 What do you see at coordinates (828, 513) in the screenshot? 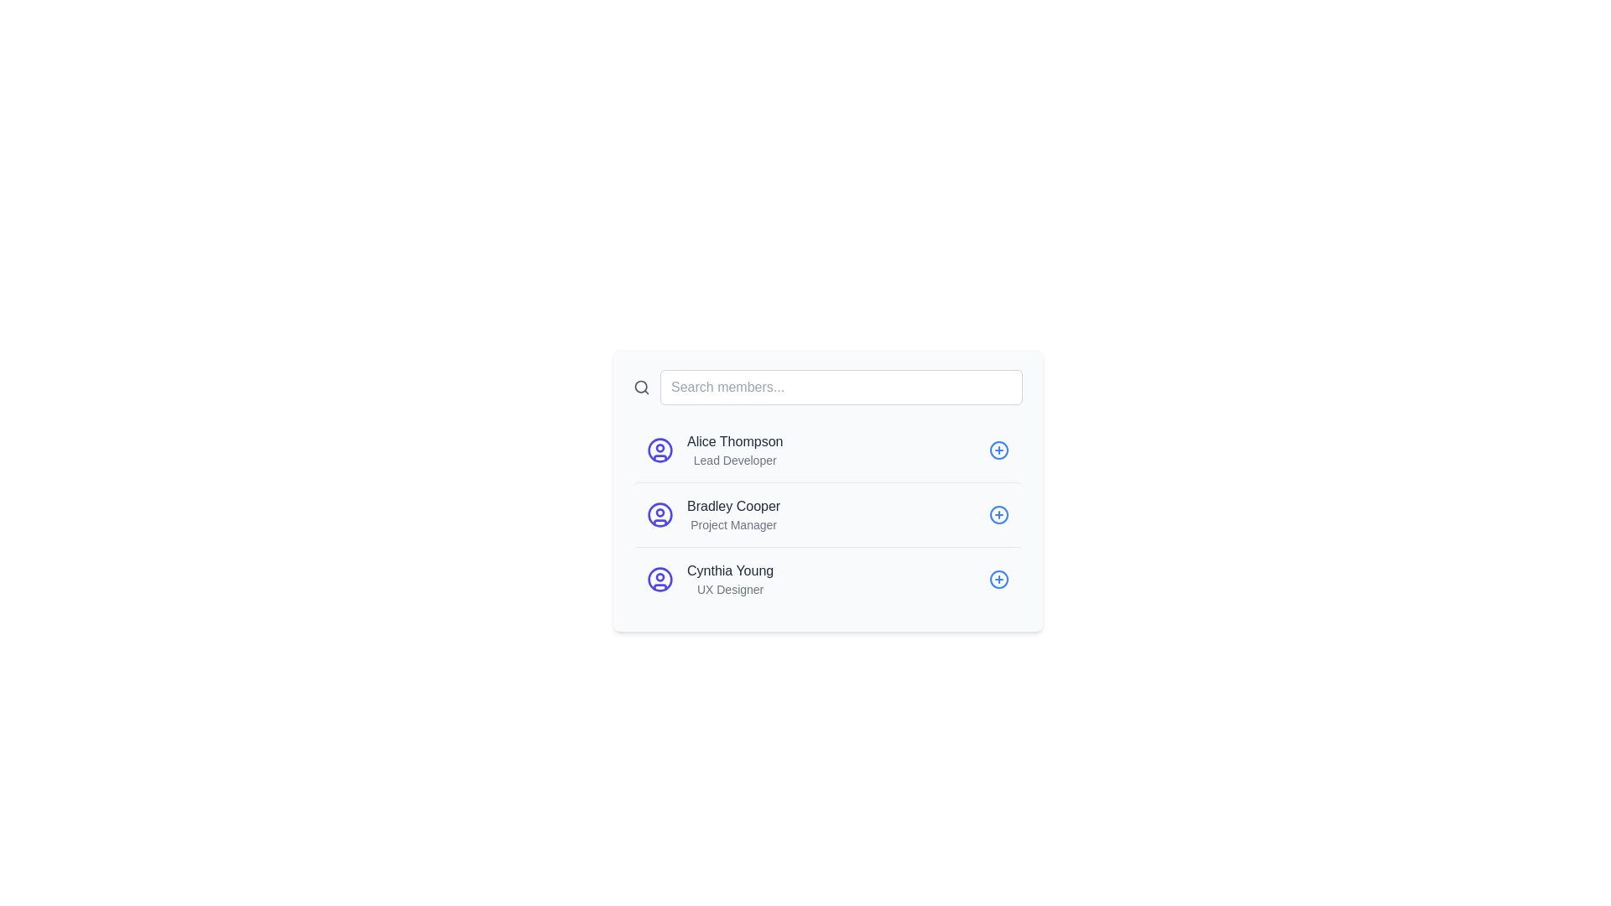
I see `the second list item featuring 'Bradley Cooper' with the profile picture and action icon` at bounding box center [828, 513].